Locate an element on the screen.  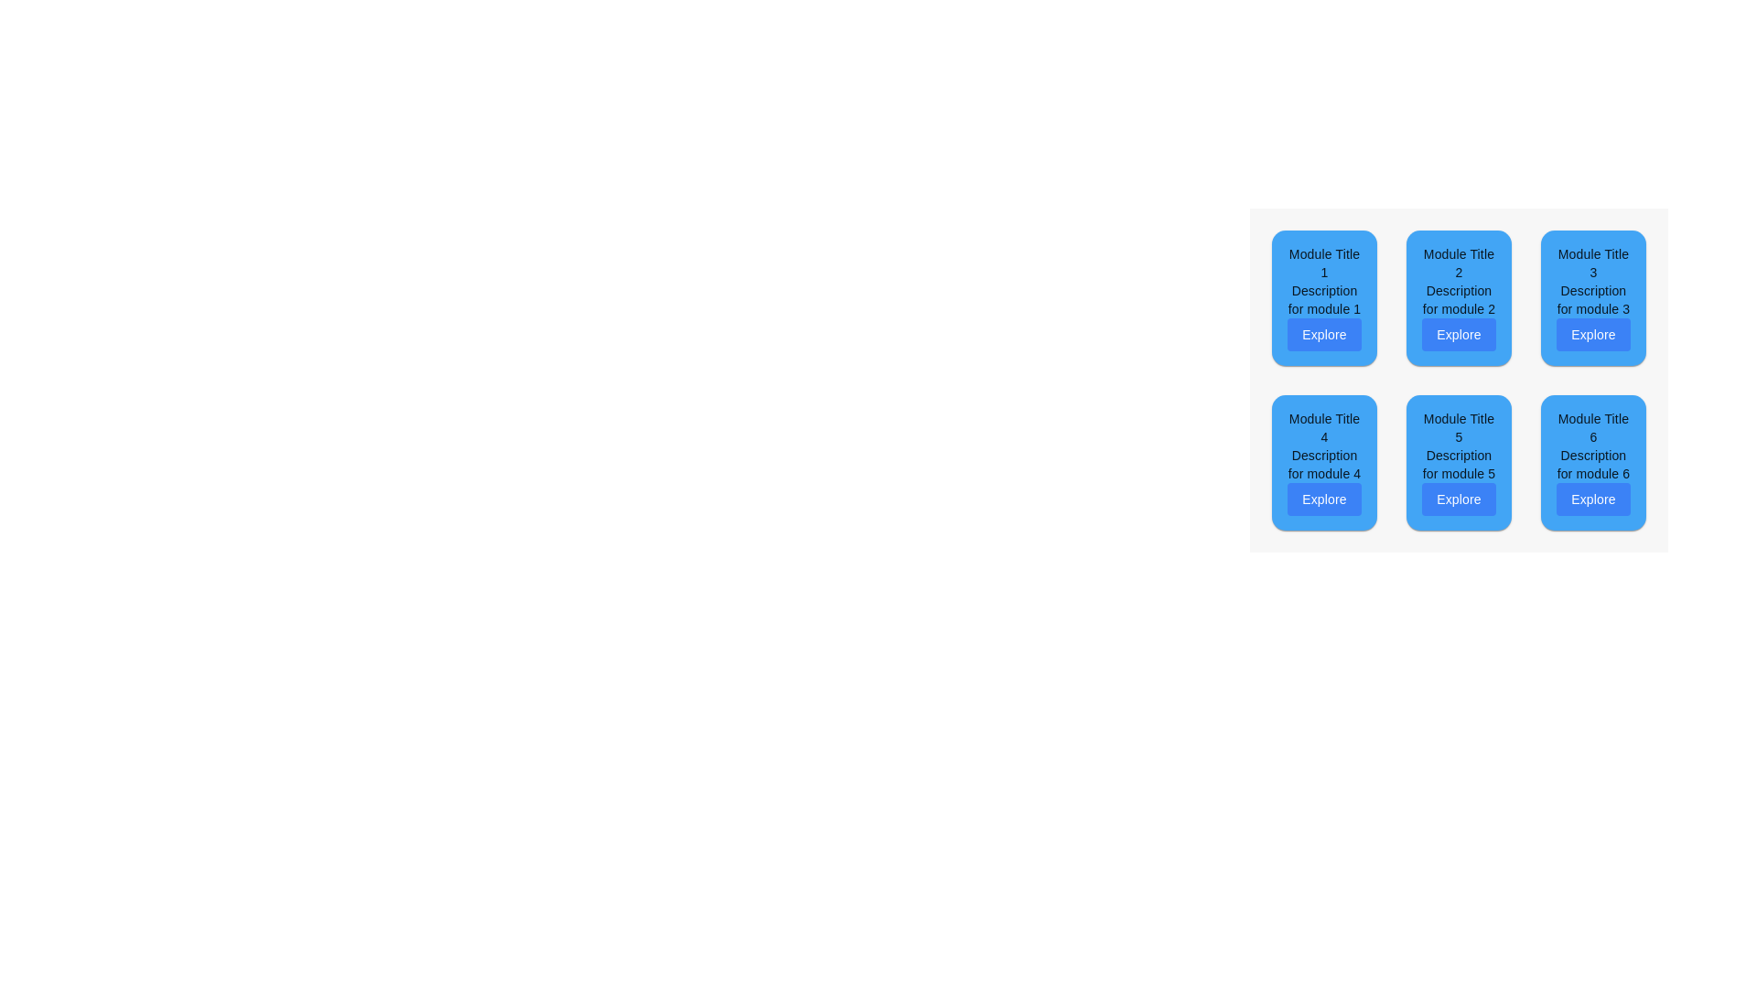
the text label containing 'Description for module 2' which is centrally placed under 'Module Title 2' and above the 'Explore' button is located at coordinates (1458, 299).